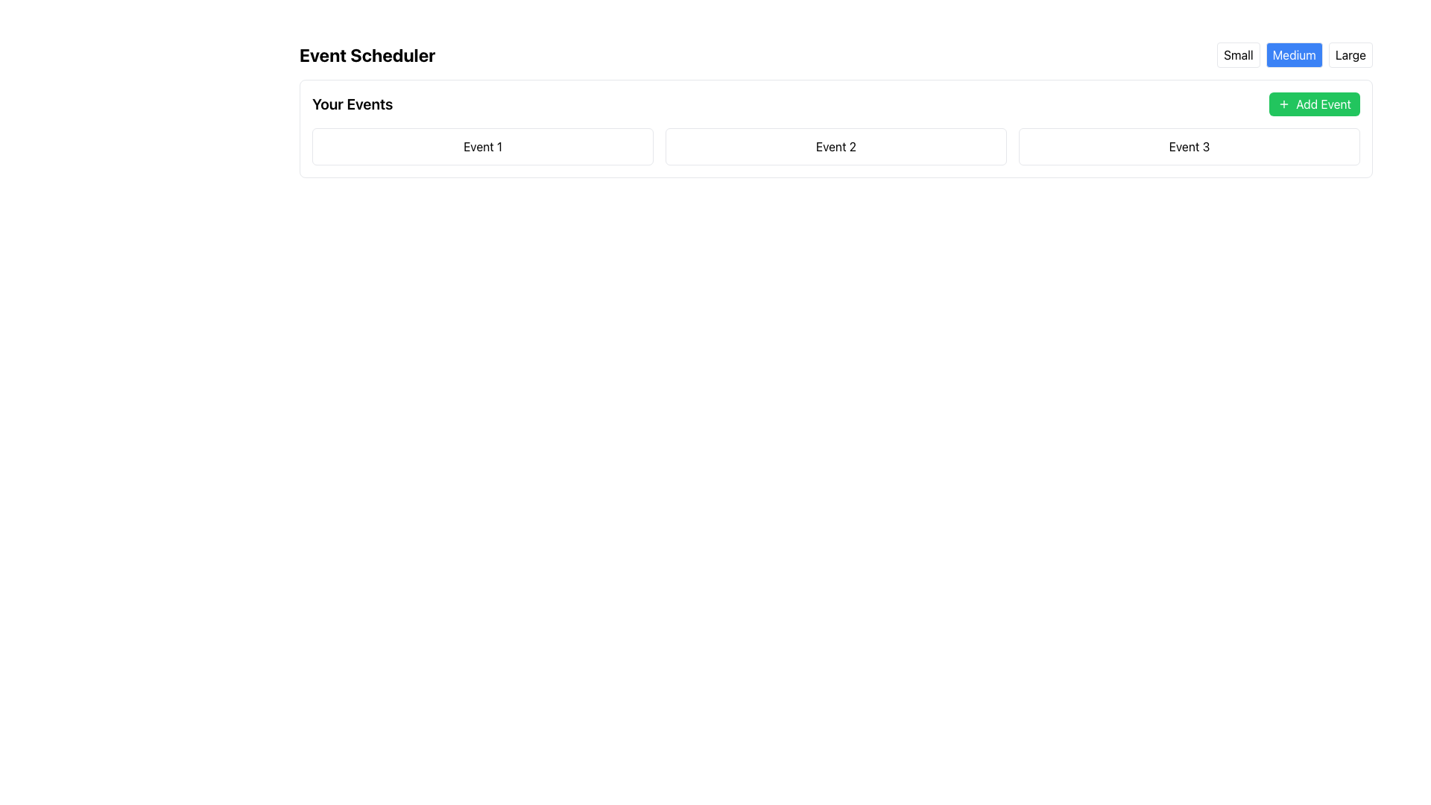 The width and height of the screenshot is (1431, 805). What do you see at coordinates (1324, 103) in the screenshot?
I see `text label 'Add Event' which is displayed in white on a green button located in the top-right area of the 'Your Events' section` at bounding box center [1324, 103].